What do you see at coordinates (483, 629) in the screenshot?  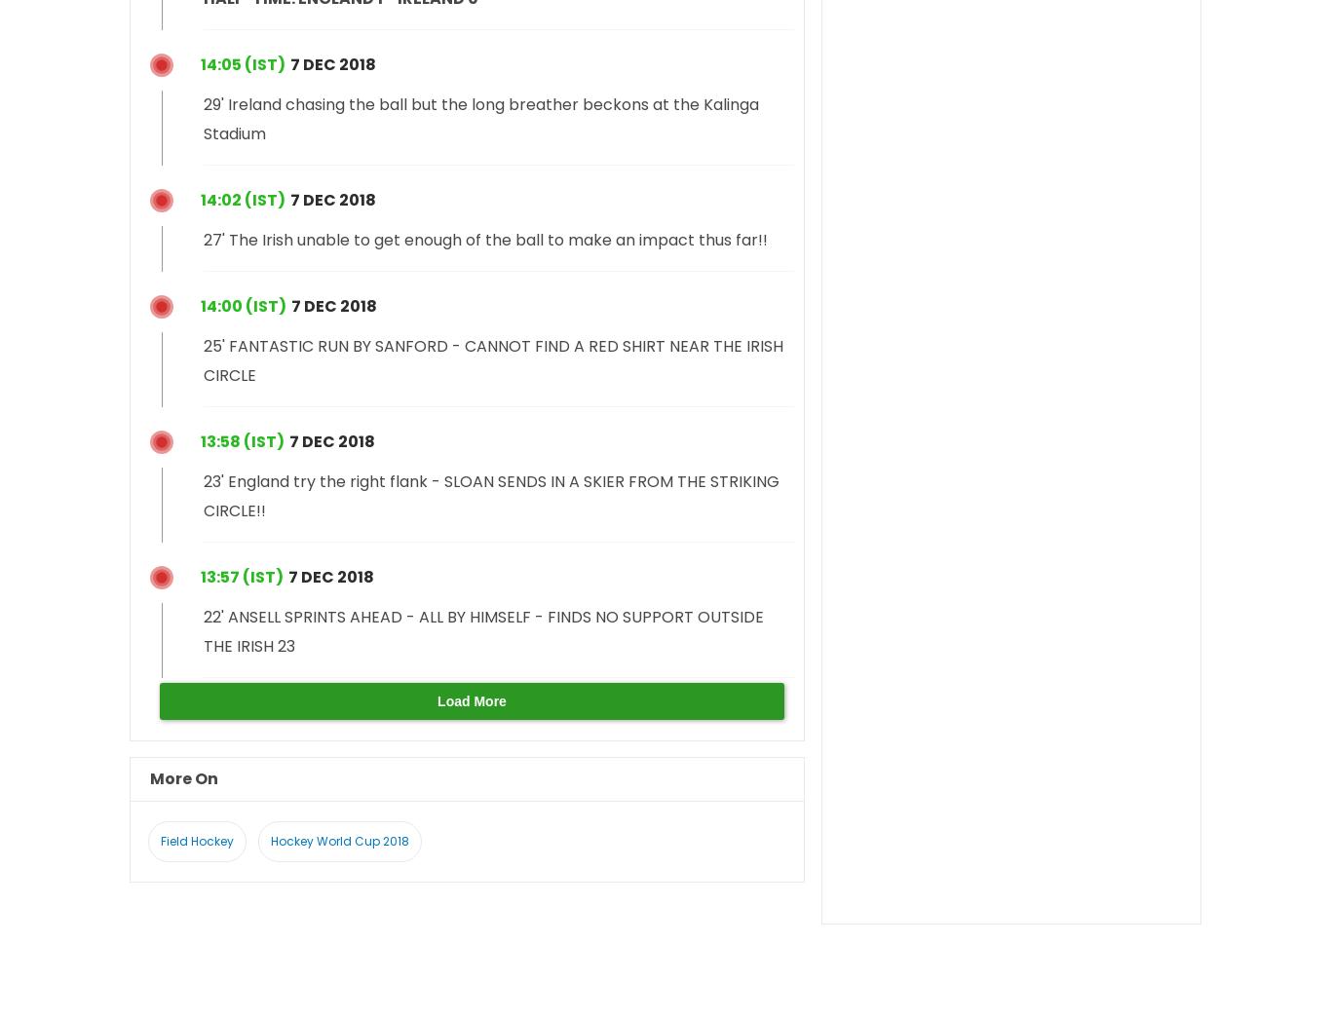 I see `'22' ANSELL SPRINTS AHEAD - ALL BY HIMSELF - FINDS NO SUPPORT OUTSIDE THE IRISH 23'` at bounding box center [483, 629].